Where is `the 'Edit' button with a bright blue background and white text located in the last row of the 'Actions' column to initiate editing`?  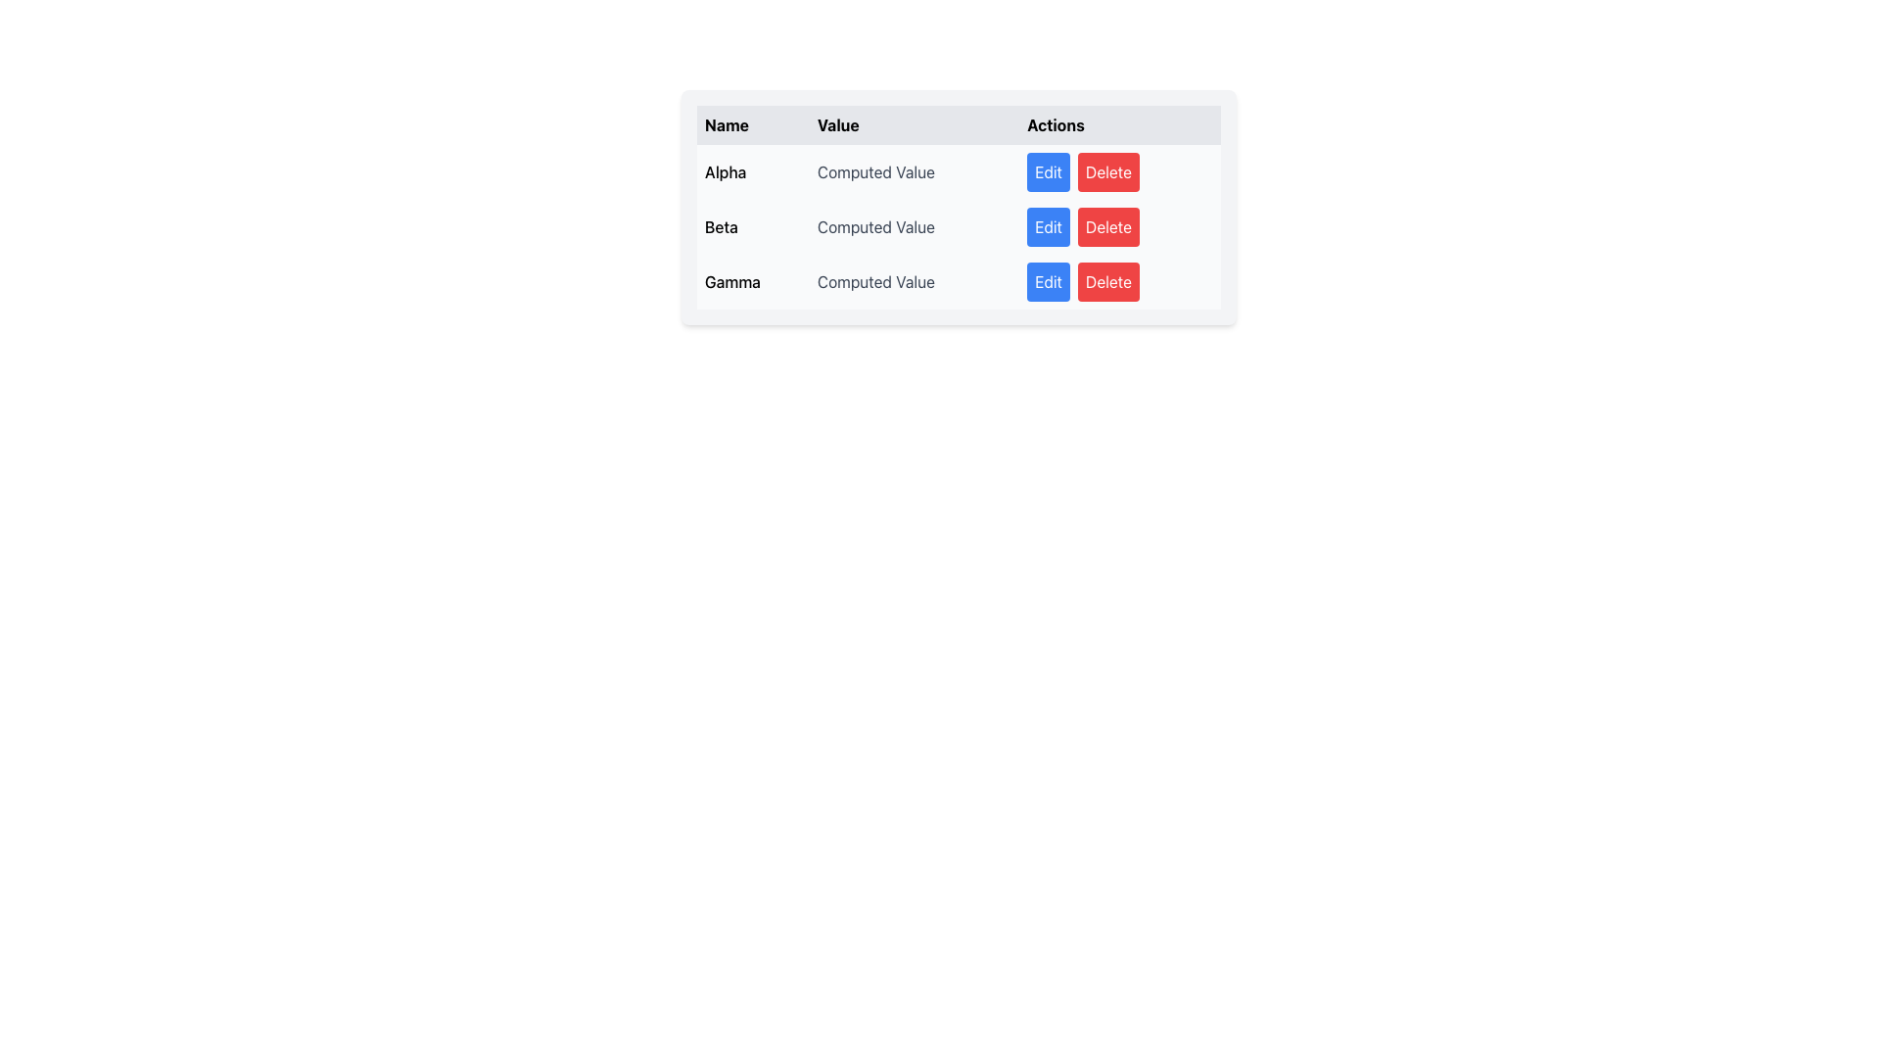
the 'Edit' button with a bright blue background and white text located in the last row of the 'Actions' column to initiate editing is located at coordinates (1047, 282).